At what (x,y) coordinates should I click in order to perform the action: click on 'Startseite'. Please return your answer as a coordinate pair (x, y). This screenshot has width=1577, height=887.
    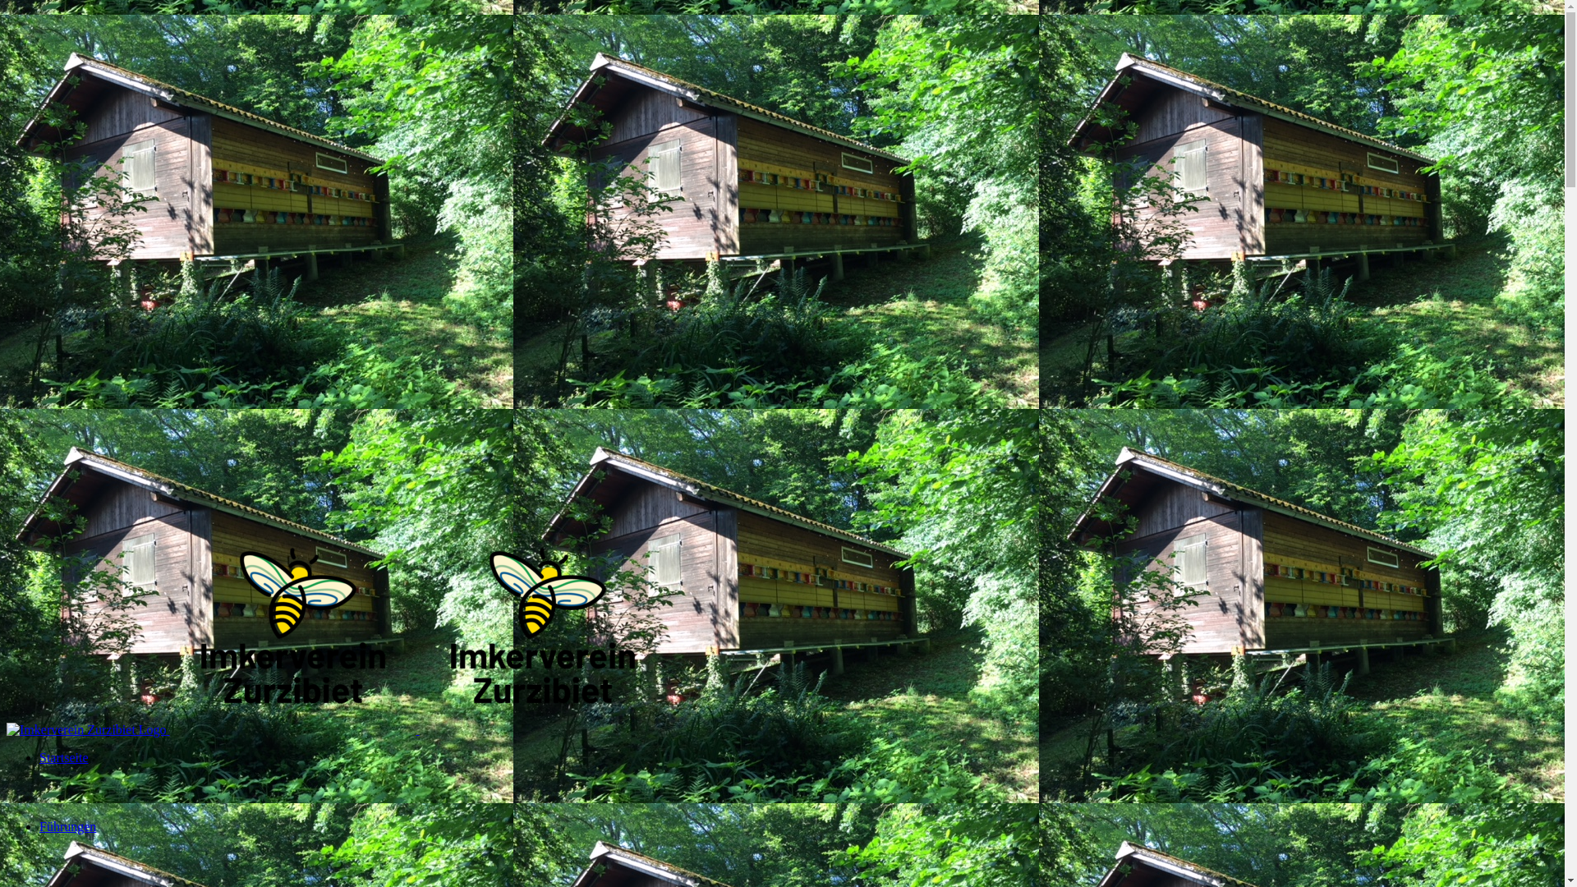
    Looking at the image, I should click on (63, 784).